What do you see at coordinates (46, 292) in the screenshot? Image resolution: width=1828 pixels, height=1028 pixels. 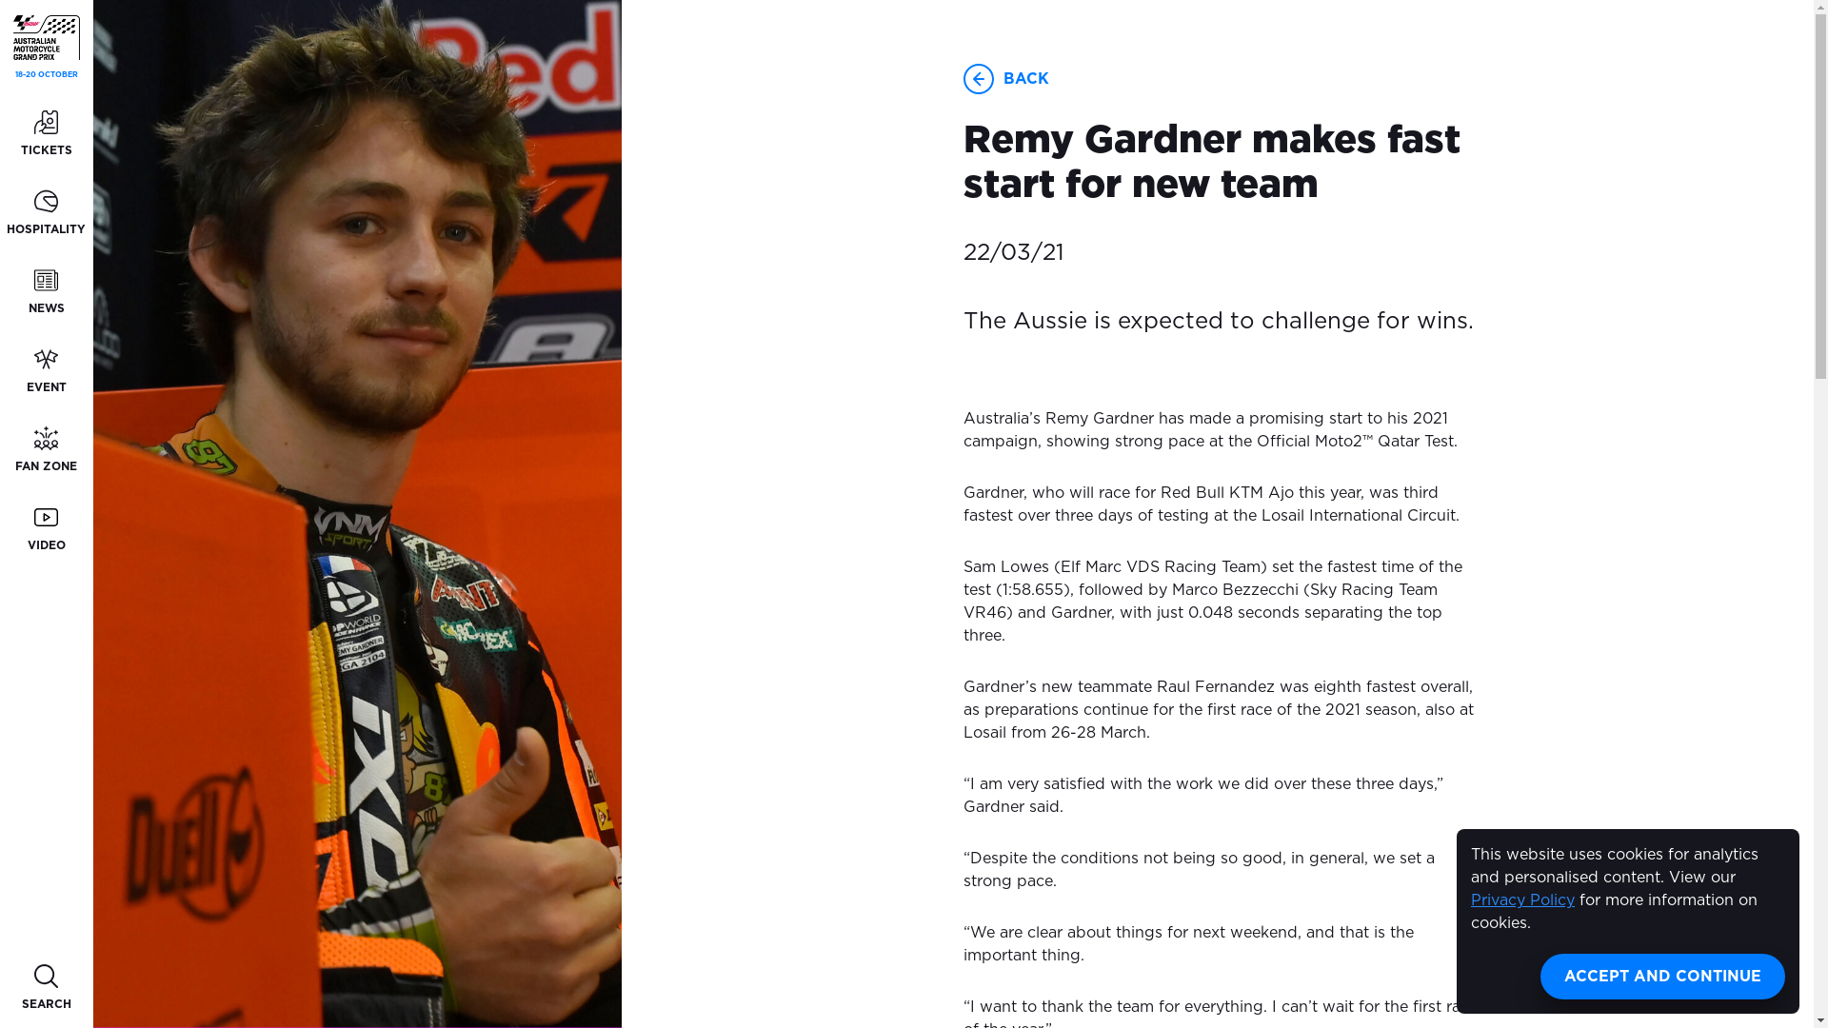 I see `'NEWS'` at bounding box center [46, 292].